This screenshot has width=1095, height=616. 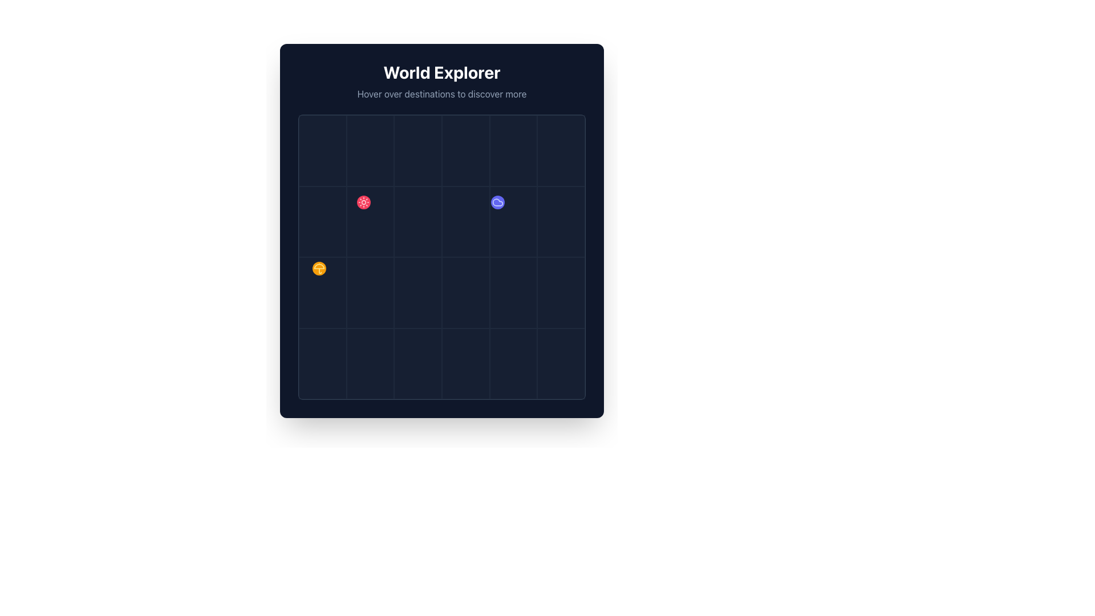 I want to click on the circular button or icon representing an umbrella in the 'World Explorer' grid, located in the lower-left position, so click(x=330, y=268).